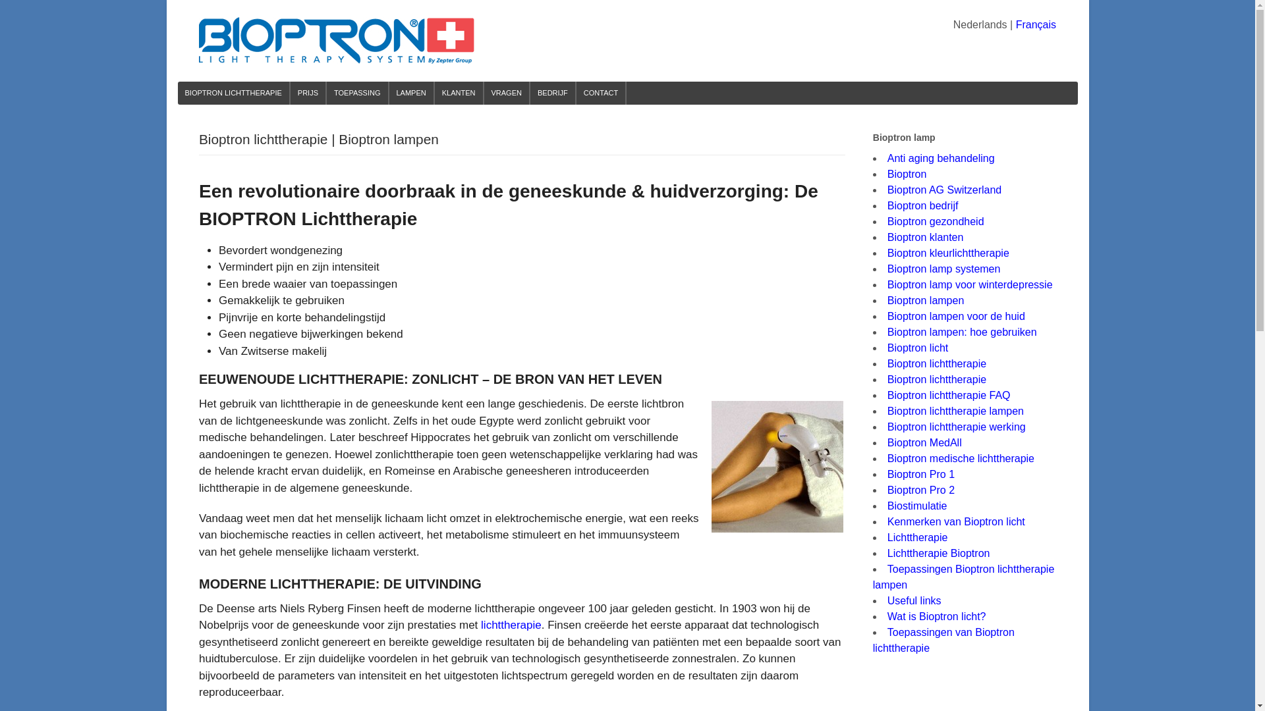 The height and width of the screenshot is (711, 1265). Describe the element at coordinates (936, 616) in the screenshot. I see `'Wat is Bioptron licht?'` at that location.